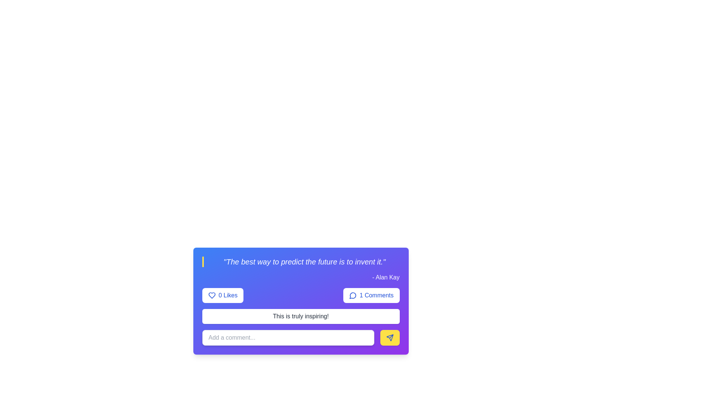 The width and height of the screenshot is (718, 404). Describe the element at coordinates (211, 295) in the screenshot. I see `the heart icon located in the bottom-left section of the card interface to like the content` at that location.